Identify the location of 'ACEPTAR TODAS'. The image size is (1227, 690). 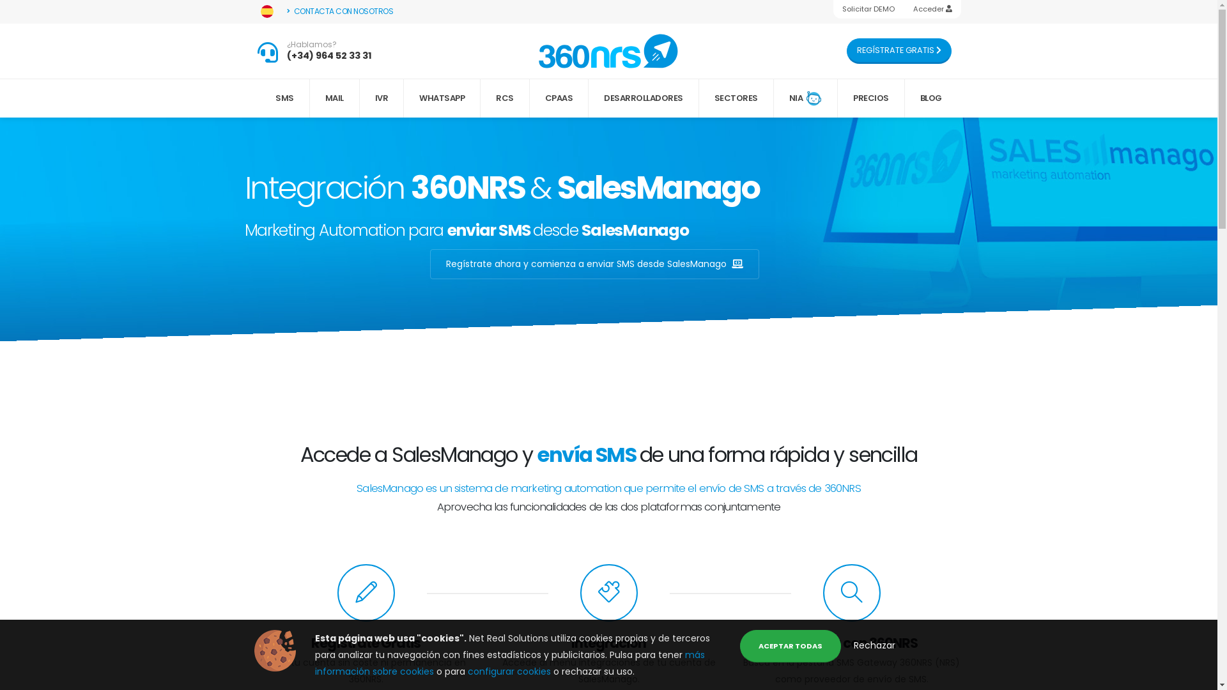
(790, 646).